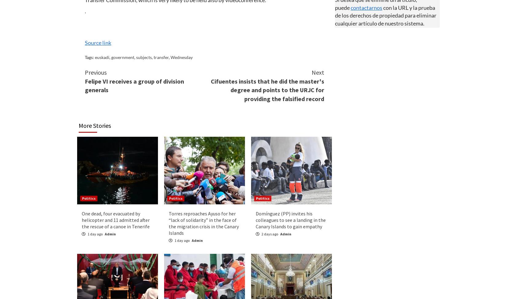  I want to click on 'Tags:', so click(89, 57).